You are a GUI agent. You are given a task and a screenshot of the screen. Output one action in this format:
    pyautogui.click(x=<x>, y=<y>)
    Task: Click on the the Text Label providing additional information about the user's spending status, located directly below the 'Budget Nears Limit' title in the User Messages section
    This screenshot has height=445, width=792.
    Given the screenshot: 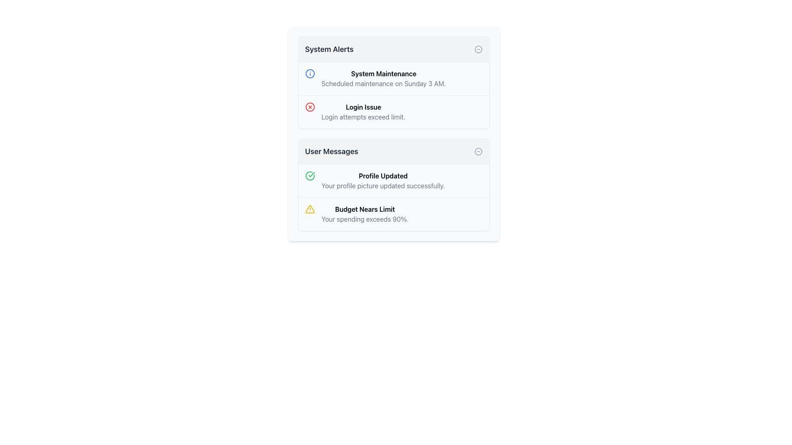 What is the action you would take?
    pyautogui.click(x=364, y=219)
    